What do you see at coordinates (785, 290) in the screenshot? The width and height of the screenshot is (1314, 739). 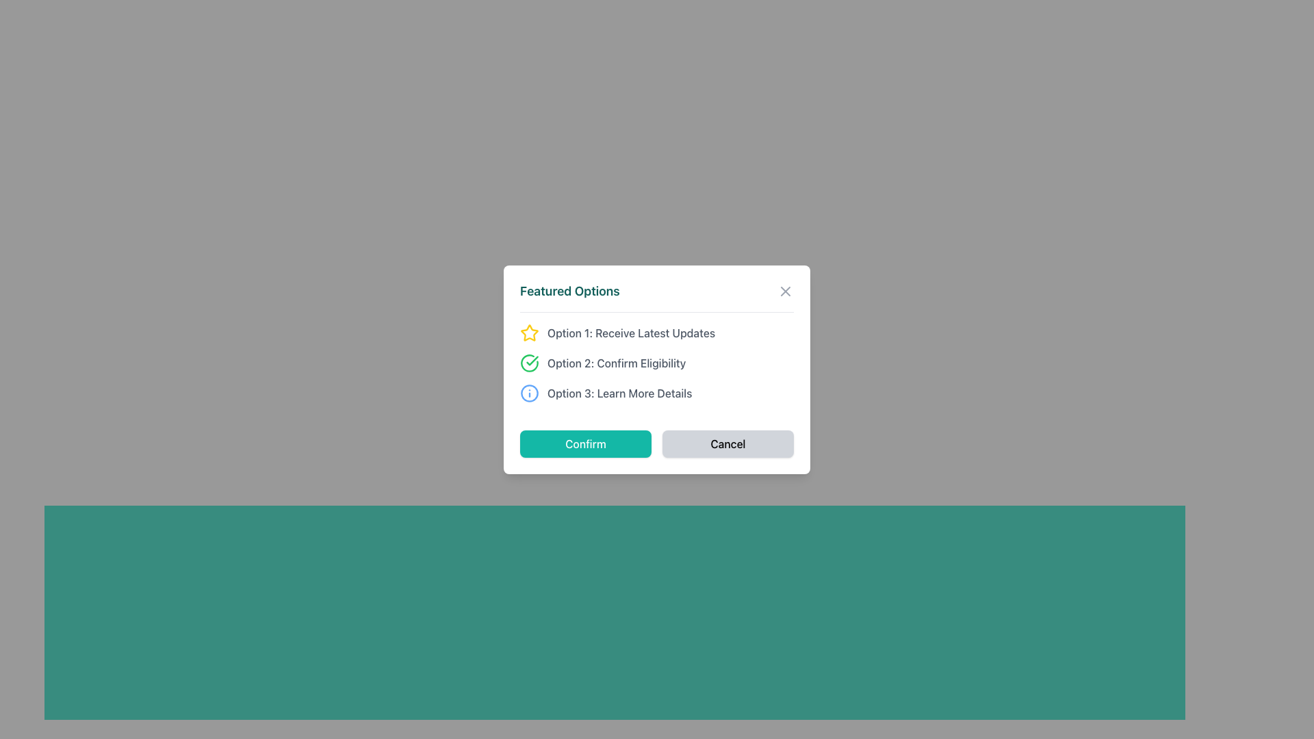 I see `the close icon button located at the top-right corner of the modal box titled 'Featured Options'` at bounding box center [785, 290].